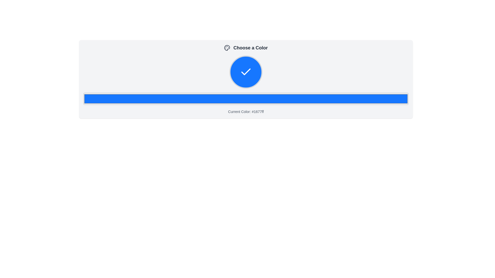  I want to click on the Text Label that serves as a heading for selecting a color, positioned above the circular button with a checkmark and to the right of the palette icon, so click(250, 48).